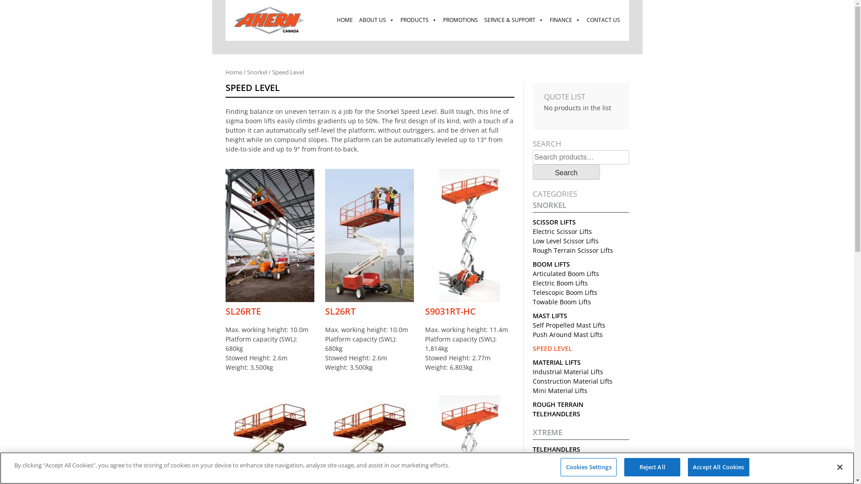 The height and width of the screenshot is (484, 861). I want to click on 'Push Around Mast Lifts', so click(567, 334).